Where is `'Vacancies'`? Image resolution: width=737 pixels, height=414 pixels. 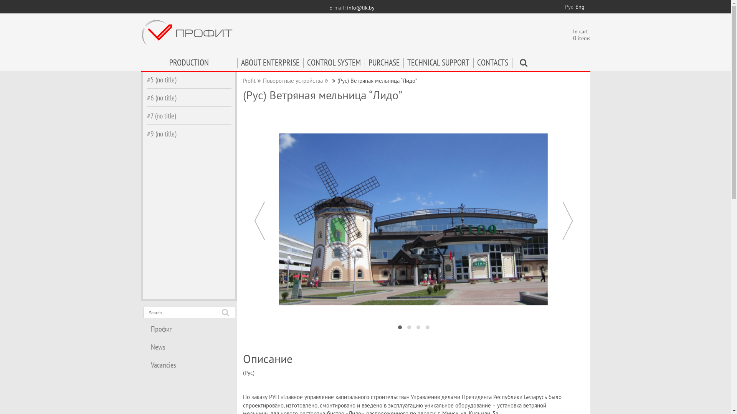 'Vacancies' is located at coordinates (188, 365).